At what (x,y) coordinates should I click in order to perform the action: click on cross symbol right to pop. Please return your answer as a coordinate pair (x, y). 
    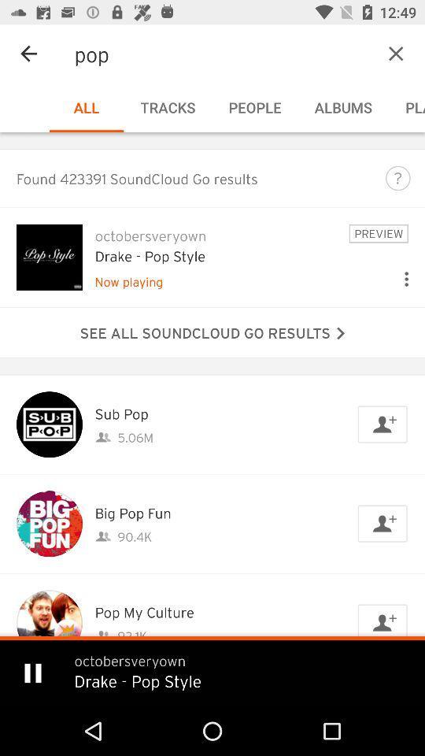
    Looking at the image, I should click on (371, 54).